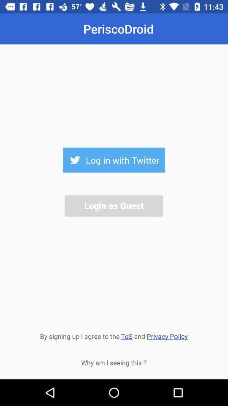  Describe the element at coordinates (114, 205) in the screenshot. I see `login as guest icon` at that location.